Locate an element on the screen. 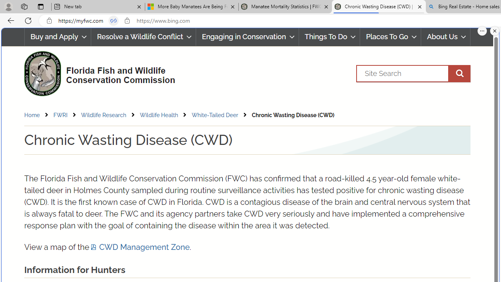 The width and height of the screenshot is (501, 282). 'Resolve a Wildlife Conflict' is located at coordinates (143, 37).